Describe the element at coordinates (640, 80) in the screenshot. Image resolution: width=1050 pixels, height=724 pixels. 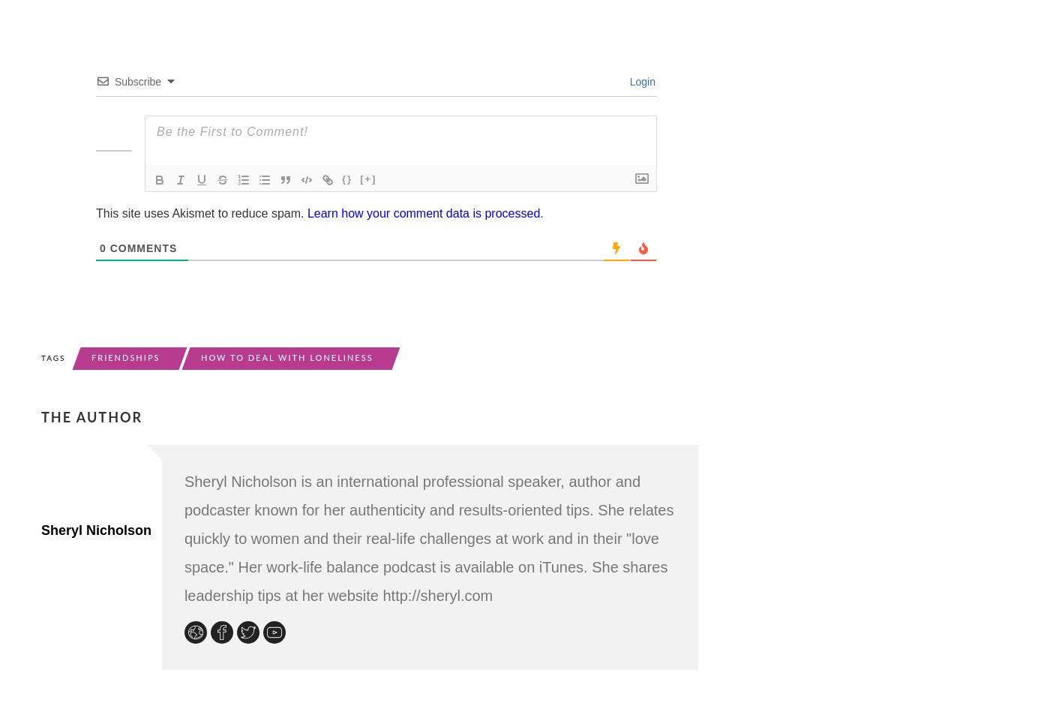
I see `'Login'` at that location.